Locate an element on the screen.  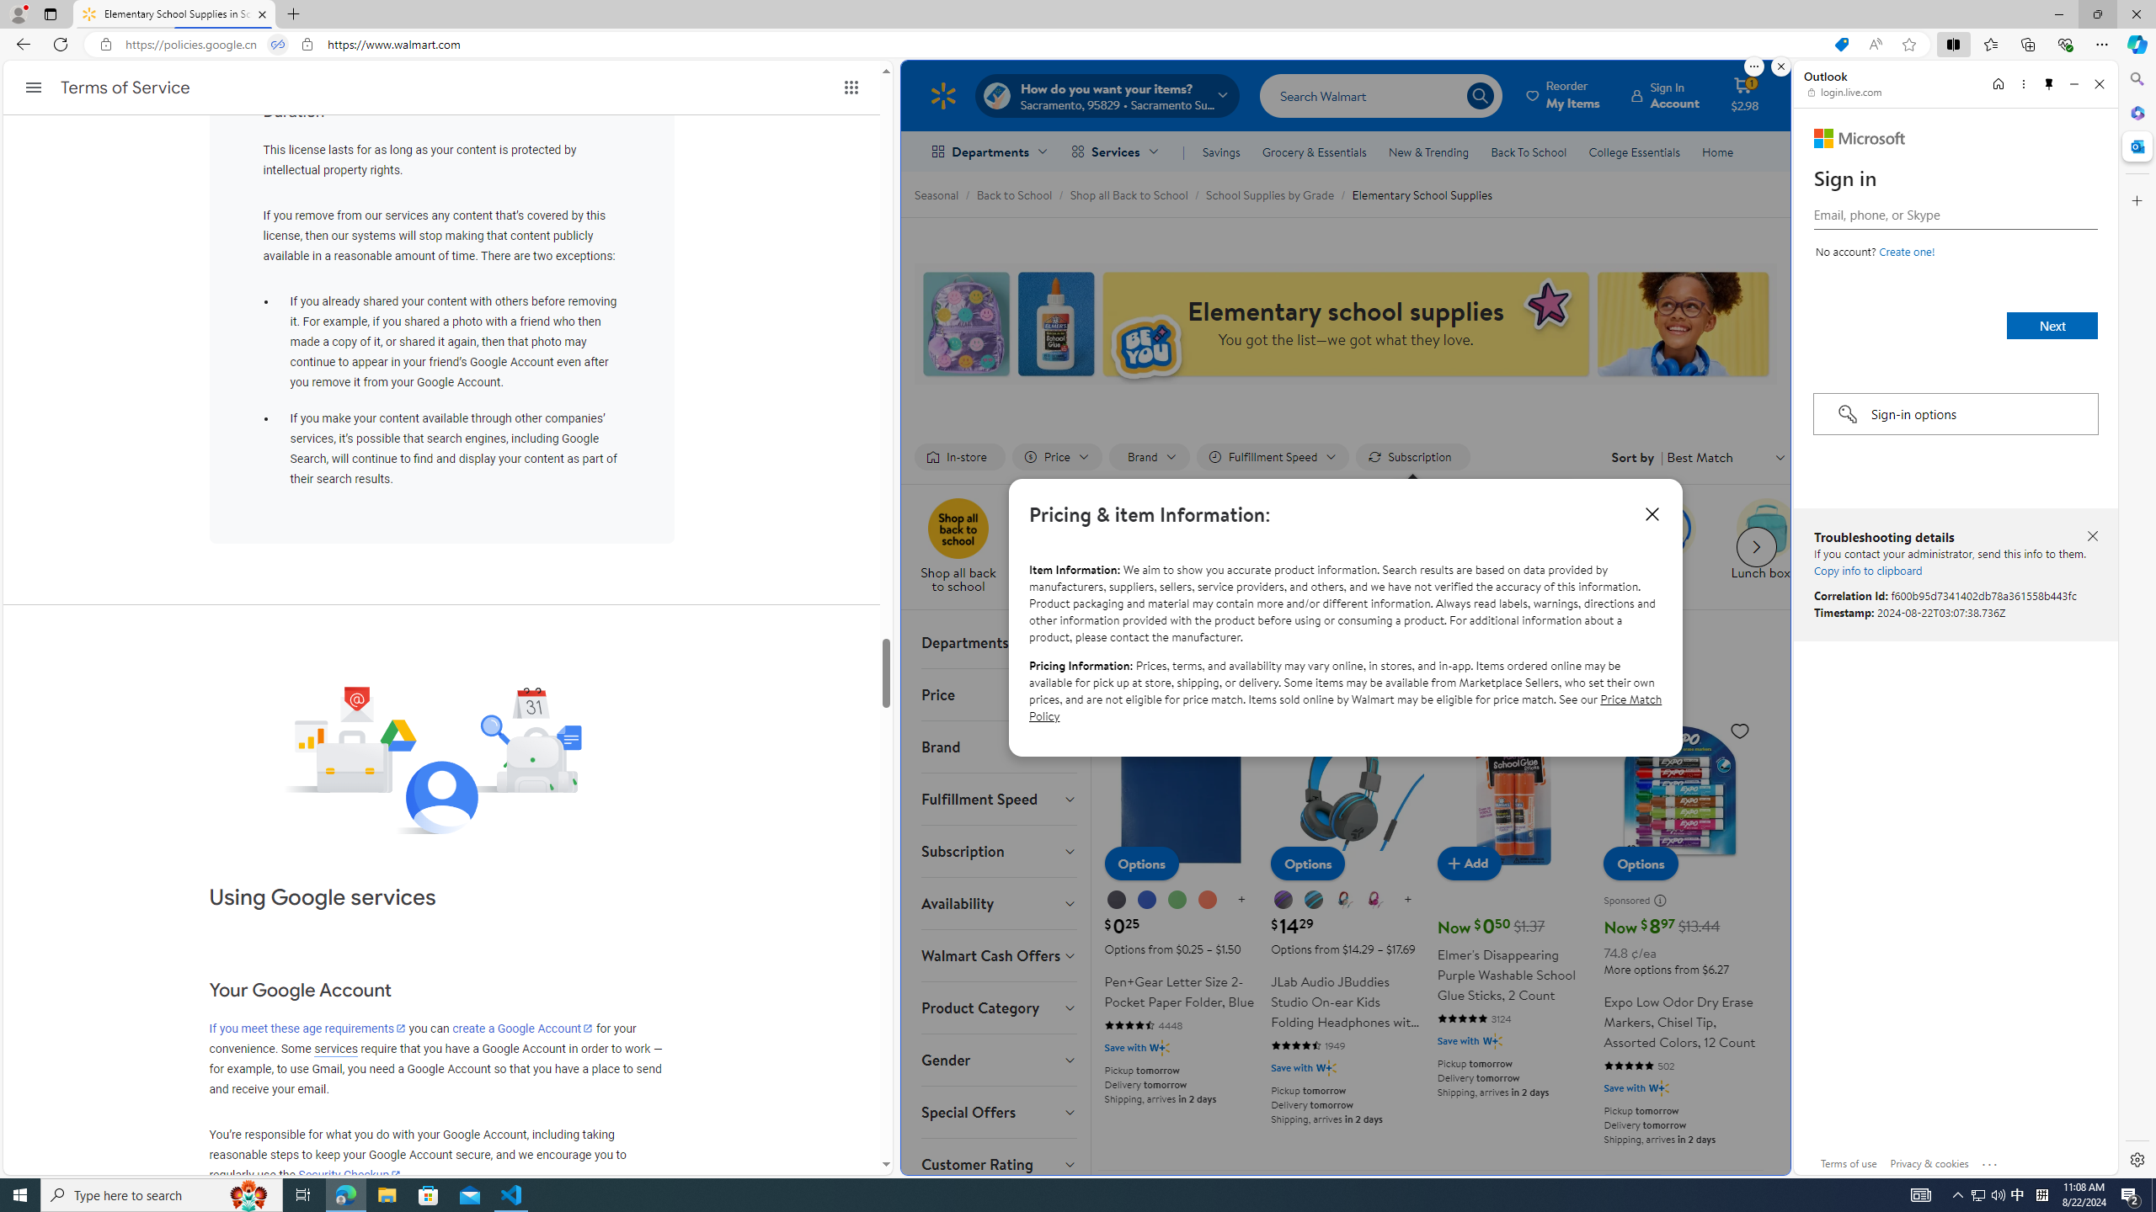
'Close troubleshooting details' is located at coordinates (2091, 535).